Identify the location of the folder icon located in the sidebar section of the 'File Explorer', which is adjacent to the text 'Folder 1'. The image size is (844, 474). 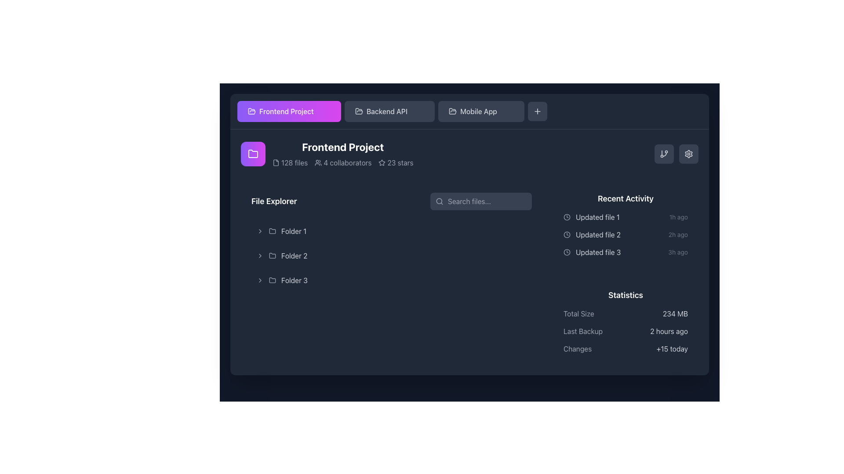
(272, 230).